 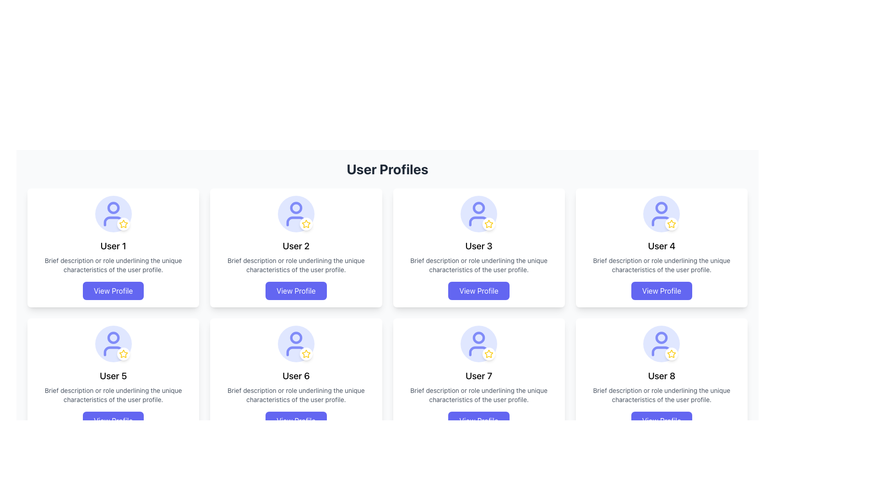 What do you see at coordinates (662, 421) in the screenshot?
I see `the button located at the bottom-right corner of the grid layout` at bounding box center [662, 421].